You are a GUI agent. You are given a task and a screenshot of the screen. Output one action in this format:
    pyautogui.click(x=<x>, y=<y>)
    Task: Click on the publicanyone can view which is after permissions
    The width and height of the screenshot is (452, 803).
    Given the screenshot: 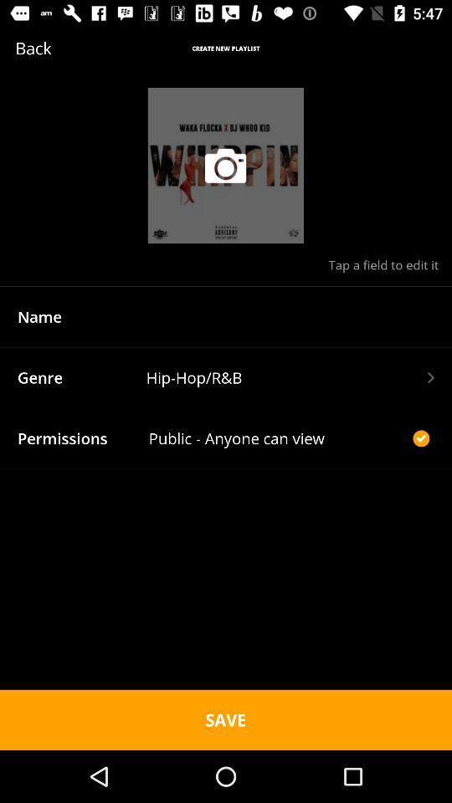 What is the action you would take?
    pyautogui.click(x=279, y=437)
    